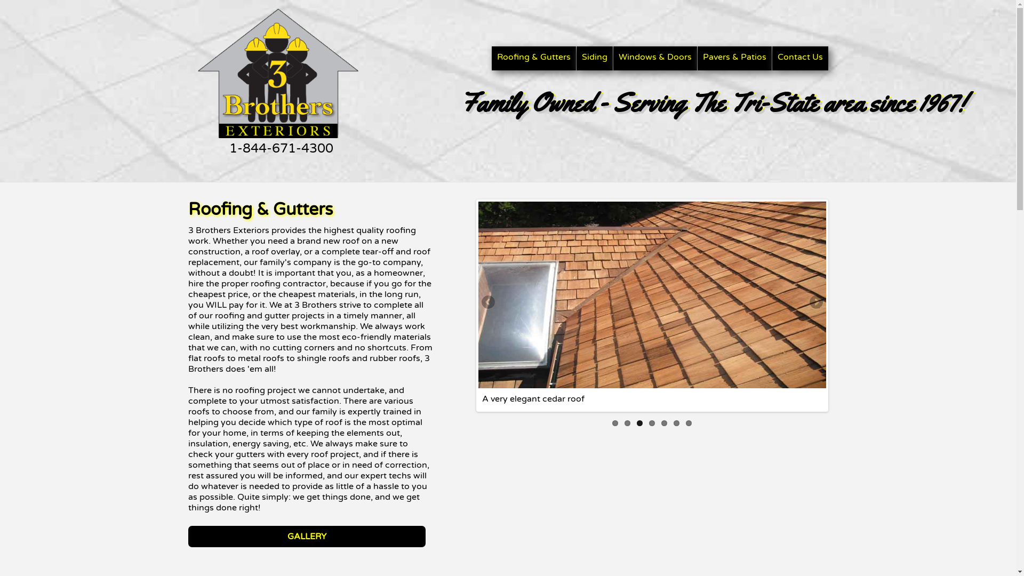  I want to click on 'Next', so click(815, 302).